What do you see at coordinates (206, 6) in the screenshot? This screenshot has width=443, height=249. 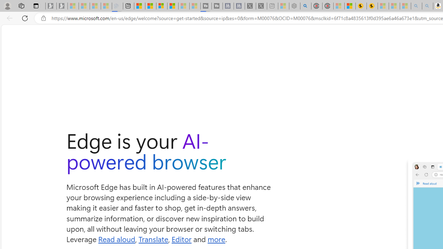 I see `'Streaming Coverage | T3 - Sleeping'` at bounding box center [206, 6].